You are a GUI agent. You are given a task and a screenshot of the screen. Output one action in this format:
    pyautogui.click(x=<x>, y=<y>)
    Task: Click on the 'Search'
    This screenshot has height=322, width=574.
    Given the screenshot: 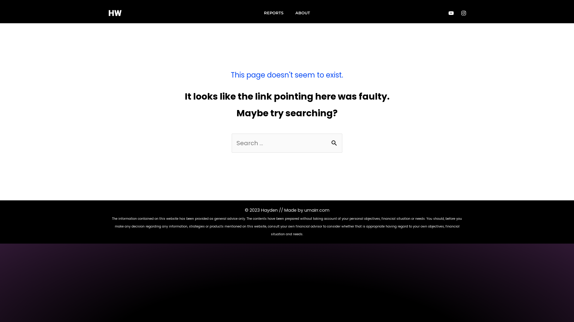 What is the action you would take?
    pyautogui.click(x=335, y=139)
    